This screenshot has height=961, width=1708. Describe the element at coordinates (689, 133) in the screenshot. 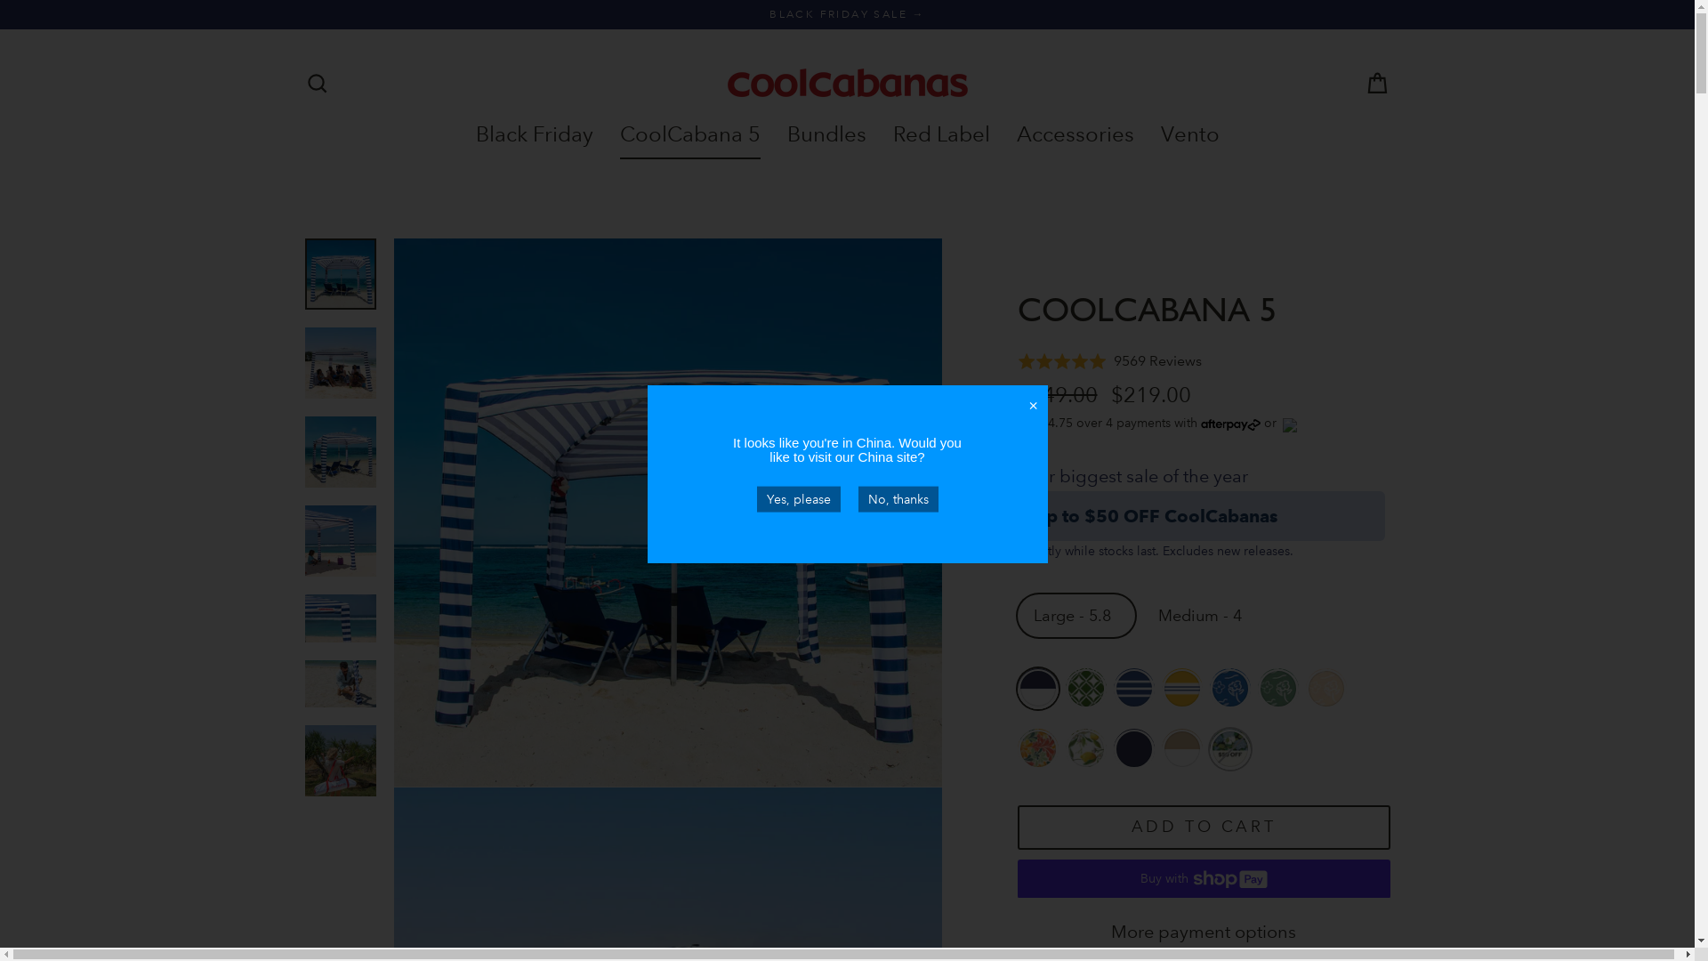

I see `'CoolCabana 5'` at that location.